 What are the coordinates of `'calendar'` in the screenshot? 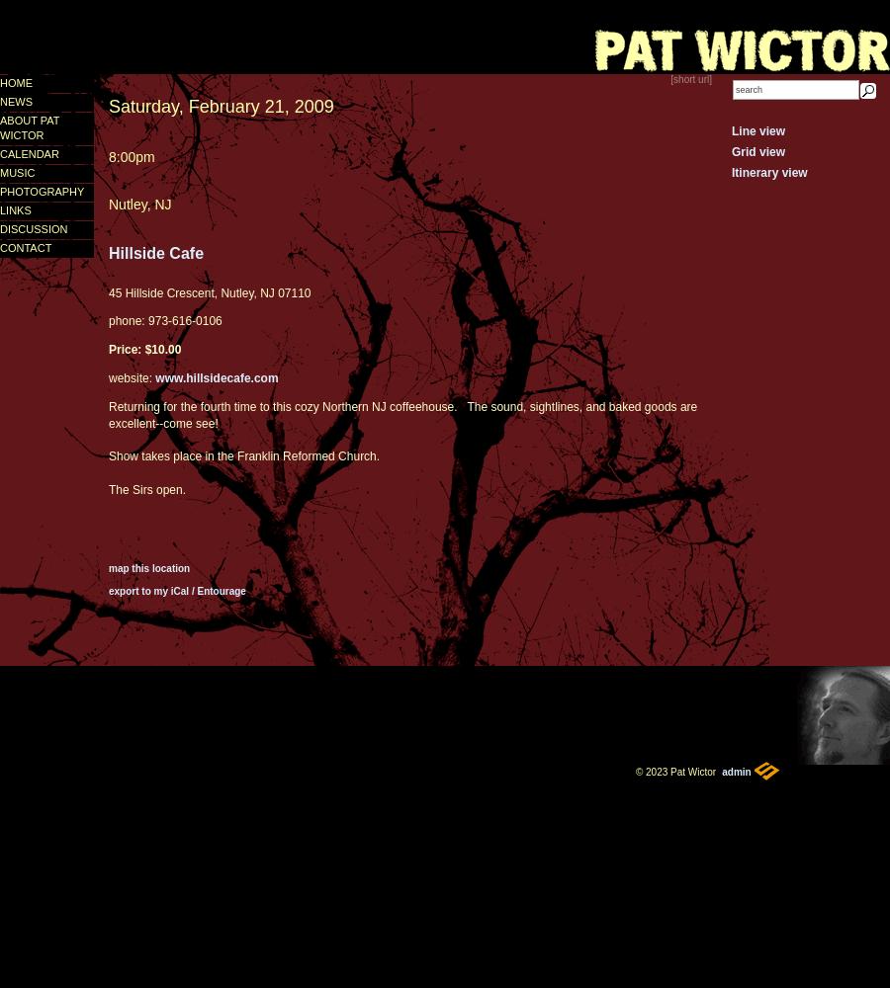 It's located at (28, 154).